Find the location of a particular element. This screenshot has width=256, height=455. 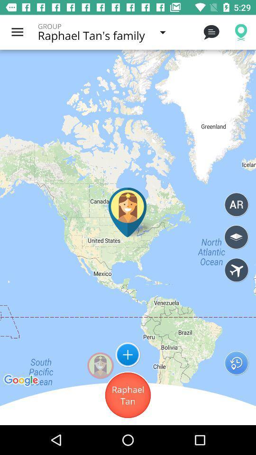

open map layers is located at coordinates (236, 237).